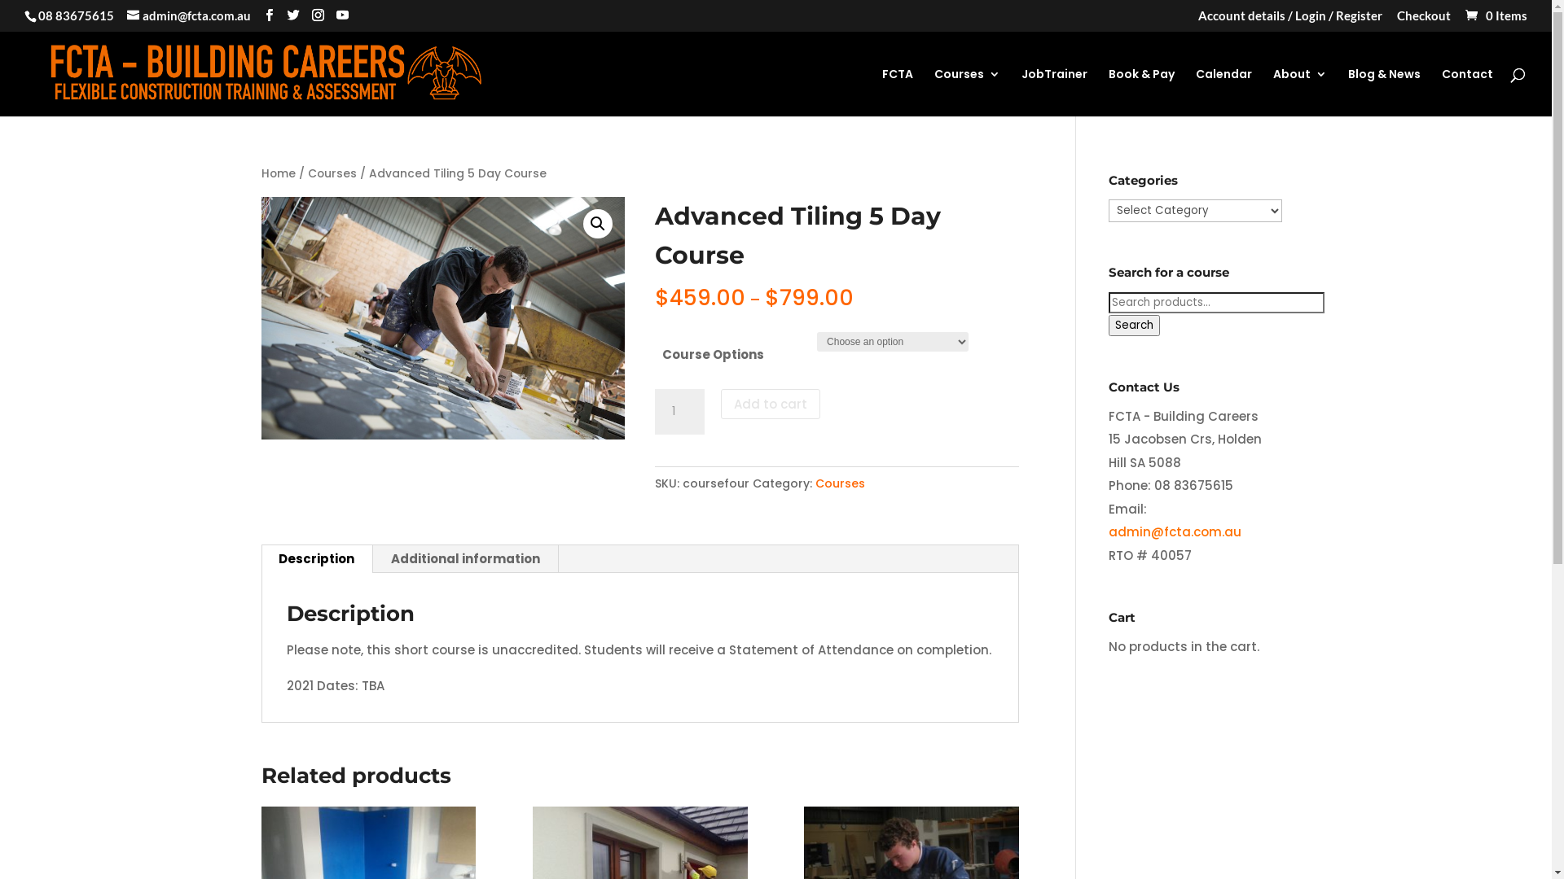 Image resolution: width=1564 pixels, height=879 pixels. What do you see at coordinates (277, 173) in the screenshot?
I see `'Home'` at bounding box center [277, 173].